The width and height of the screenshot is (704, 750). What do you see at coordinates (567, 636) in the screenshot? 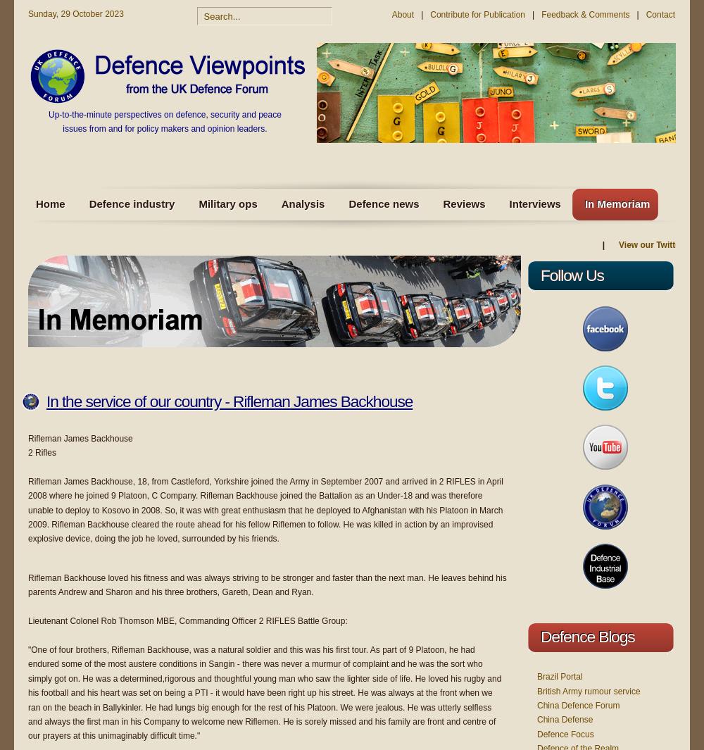
I see `'Defence'` at bounding box center [567, 636].